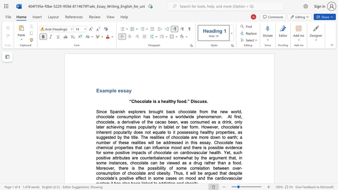 The image size is (338, 190). What do you see at coordinates (178, 137) in the screenshot?
I see `the subset text "colate are more down to earth; a number of" within the text "healthy properties, as suggested by the title. The realities of chocolate are more down to earth; a number of these realities will be addressed in this essay. Chocolate has ch"` at bounding box center [178, 137].